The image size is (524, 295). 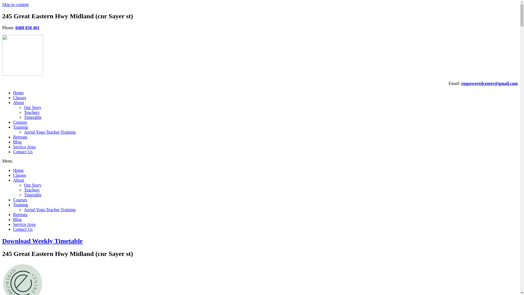 What do you see at coordinates (24, 146) in the screenshot?
I see `'Service Area'` at bounding box center [24, 146].